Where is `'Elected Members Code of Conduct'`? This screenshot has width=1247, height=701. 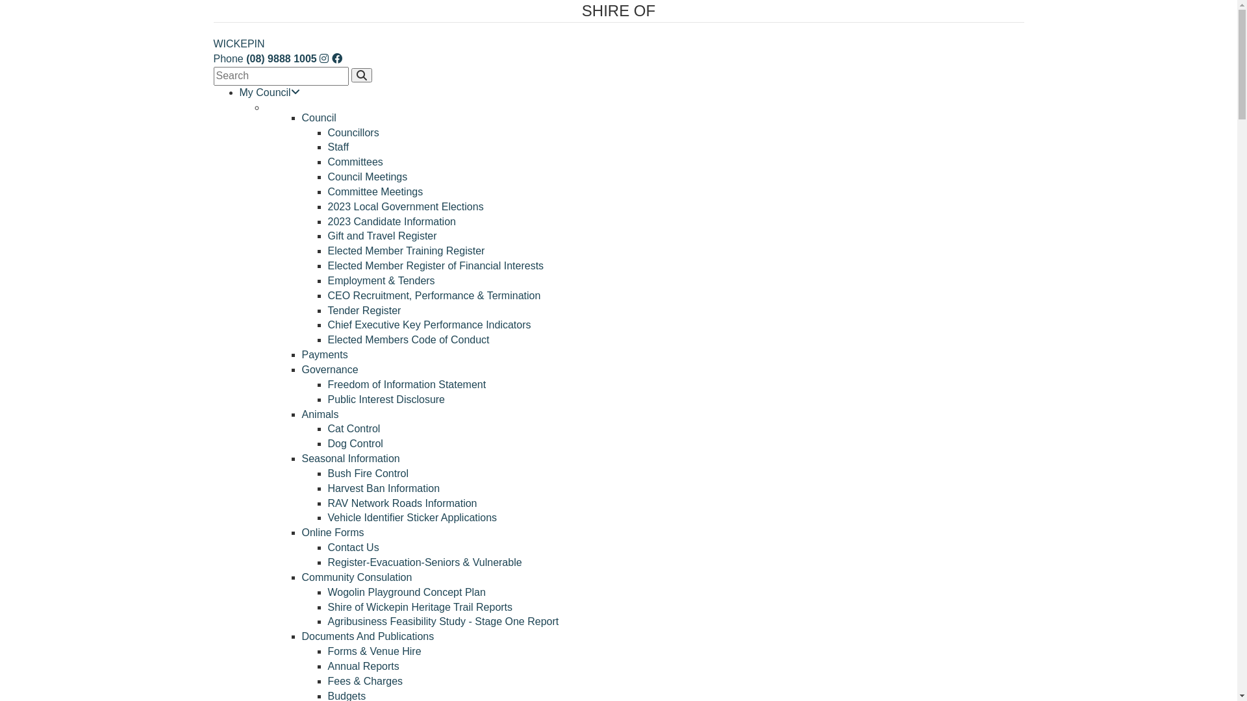 'Elected Members Code of Conduct' is located at coordinates (407, 339).